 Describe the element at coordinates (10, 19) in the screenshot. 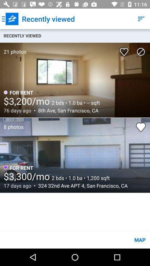

I see `item next to the recently viewed app` at that location.